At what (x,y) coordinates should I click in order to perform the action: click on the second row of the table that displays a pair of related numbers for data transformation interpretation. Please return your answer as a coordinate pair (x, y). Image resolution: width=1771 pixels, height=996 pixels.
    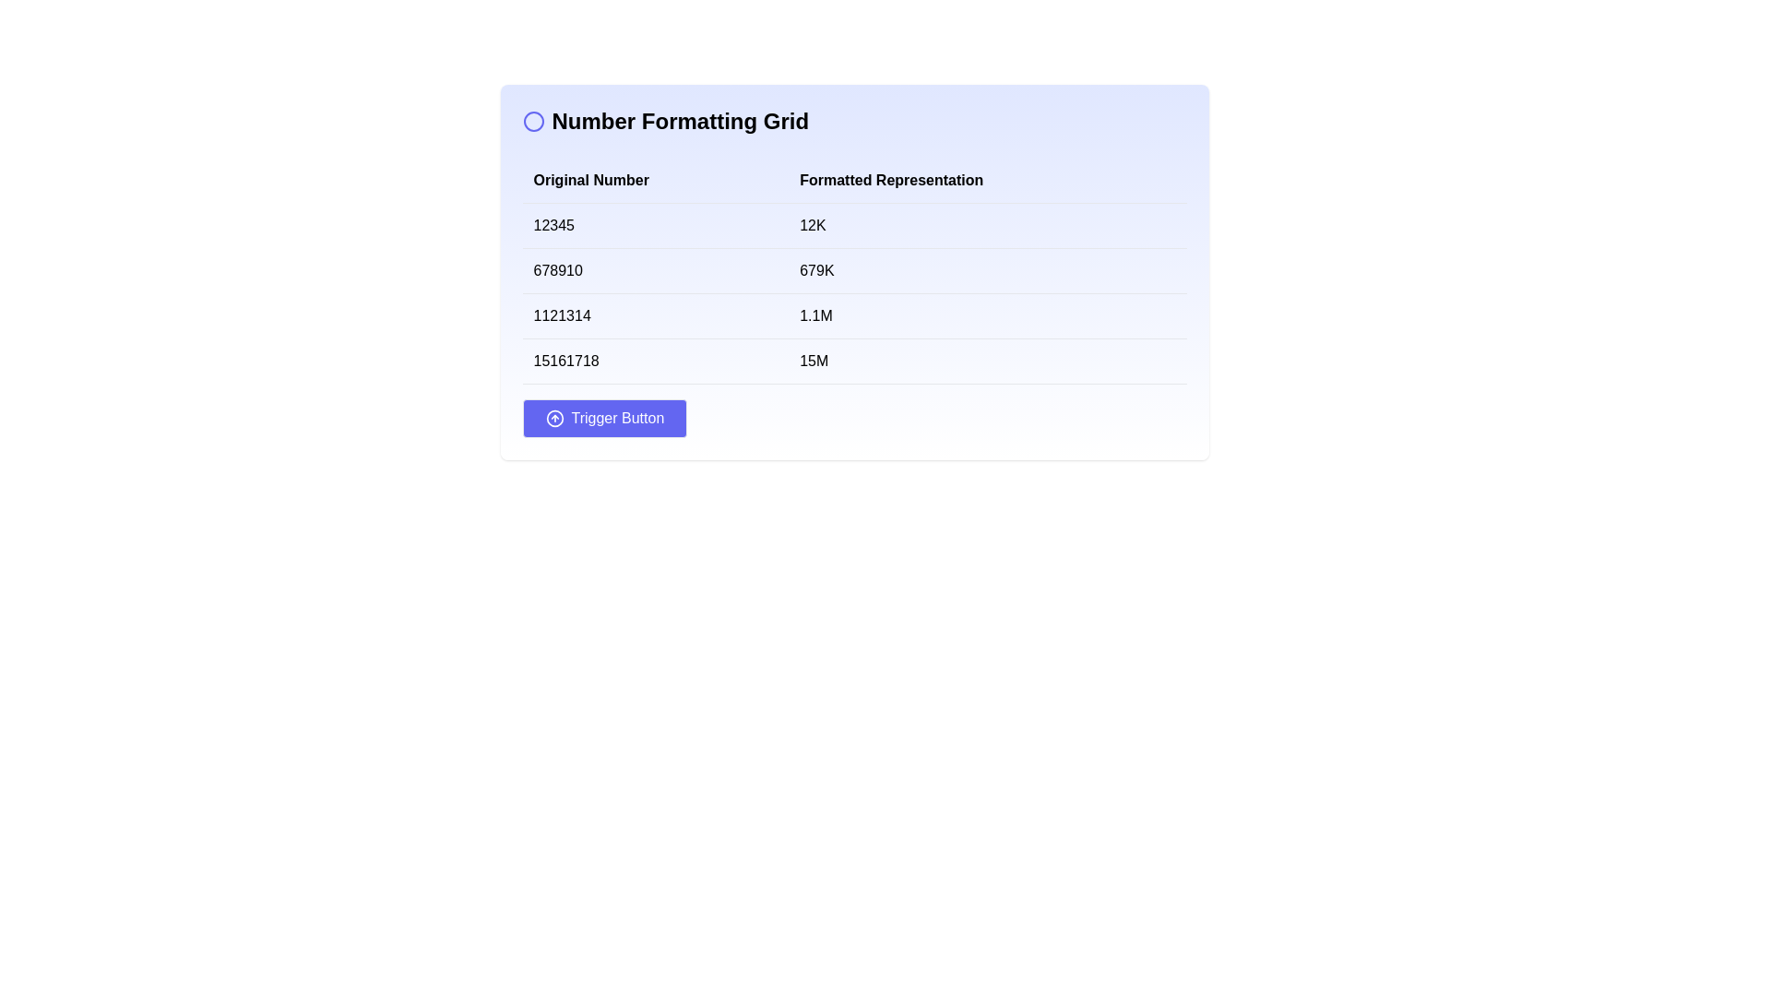
    Looking at the image, I should click on (853, 270).